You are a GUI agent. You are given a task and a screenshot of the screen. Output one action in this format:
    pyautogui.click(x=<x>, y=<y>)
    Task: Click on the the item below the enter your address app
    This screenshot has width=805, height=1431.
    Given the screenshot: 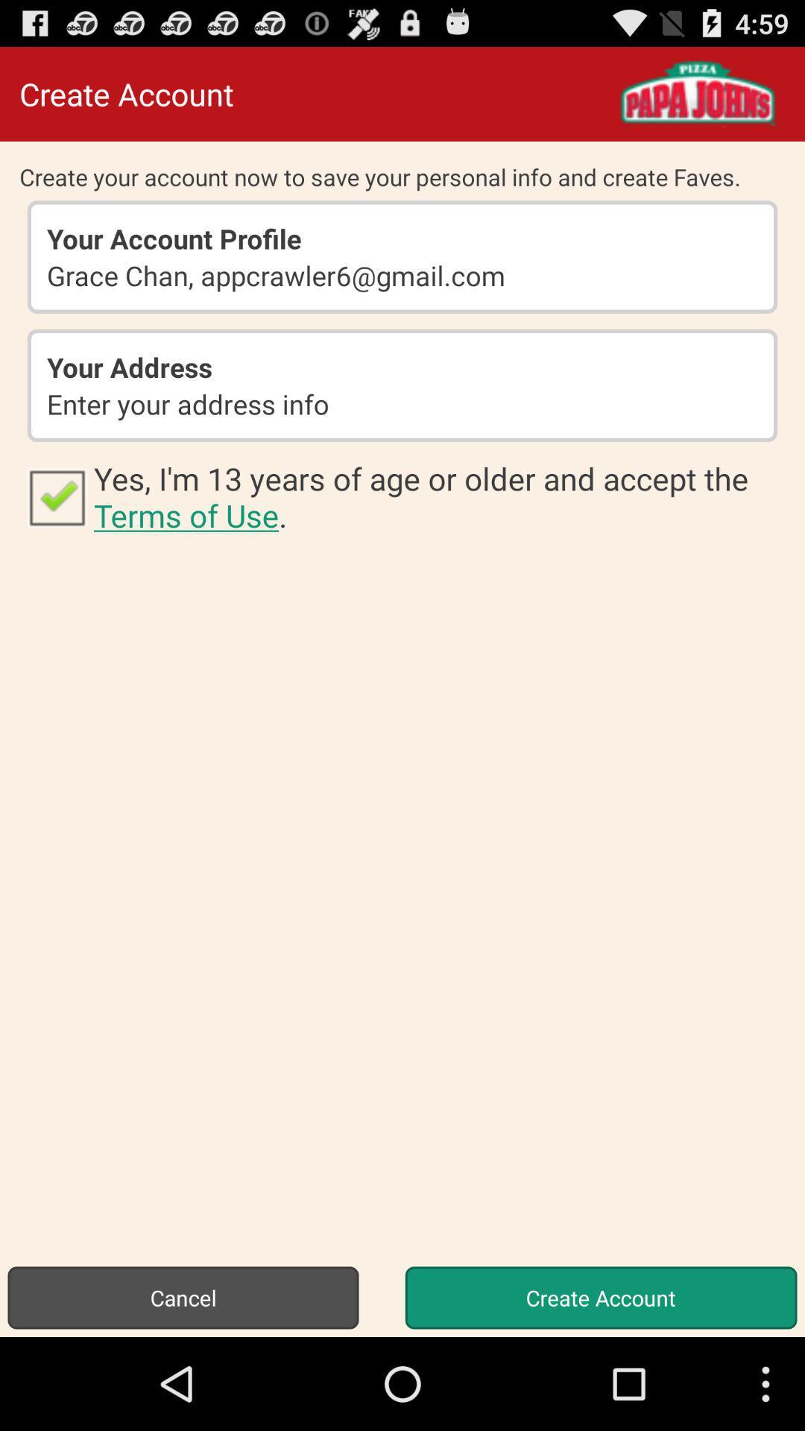 What is the action you would take?
    pyautogui.click(x=438, y=496)
    